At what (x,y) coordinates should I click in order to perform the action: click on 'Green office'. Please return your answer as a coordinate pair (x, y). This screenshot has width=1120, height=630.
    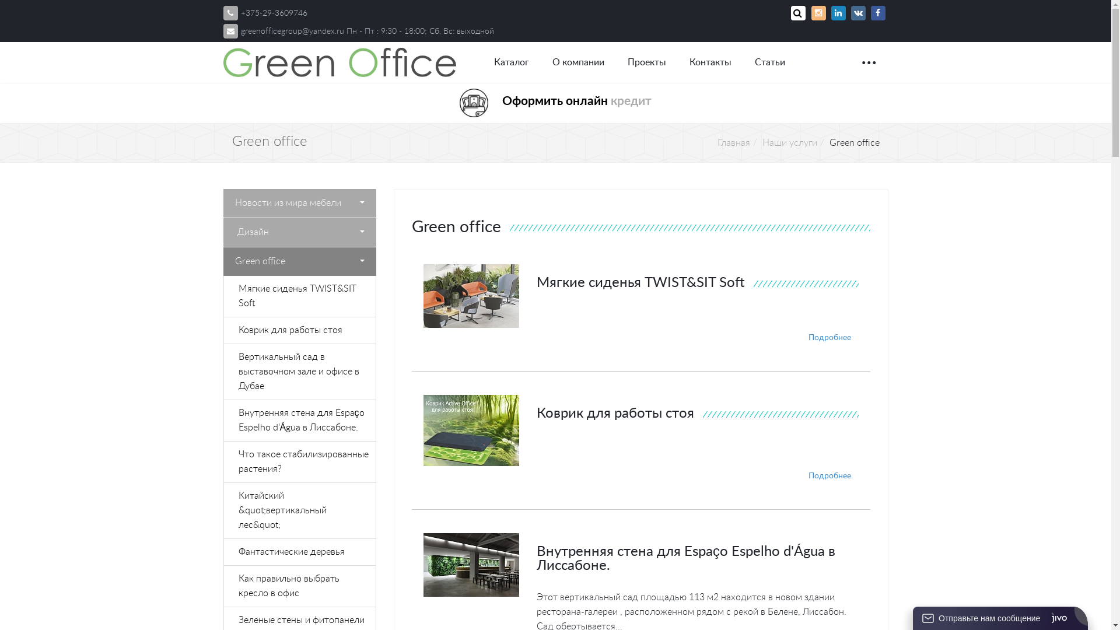
    Looking at the image, I should click on (299, 261).